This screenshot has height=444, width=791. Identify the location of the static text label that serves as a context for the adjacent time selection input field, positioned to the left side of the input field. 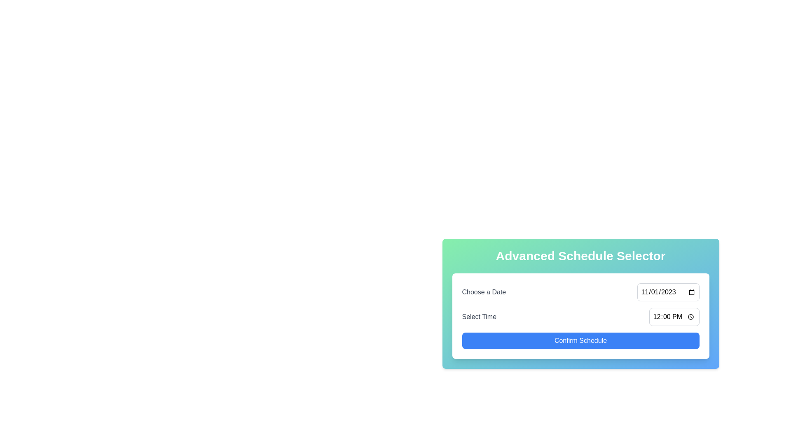
(479, 317).